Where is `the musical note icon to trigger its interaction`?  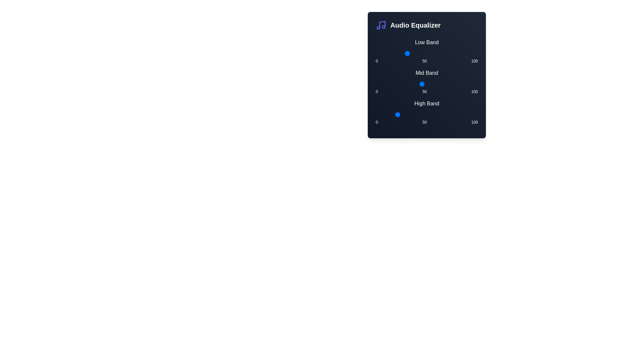
the musical note icon to trigger its interaction is located at coordinates (381, 25).